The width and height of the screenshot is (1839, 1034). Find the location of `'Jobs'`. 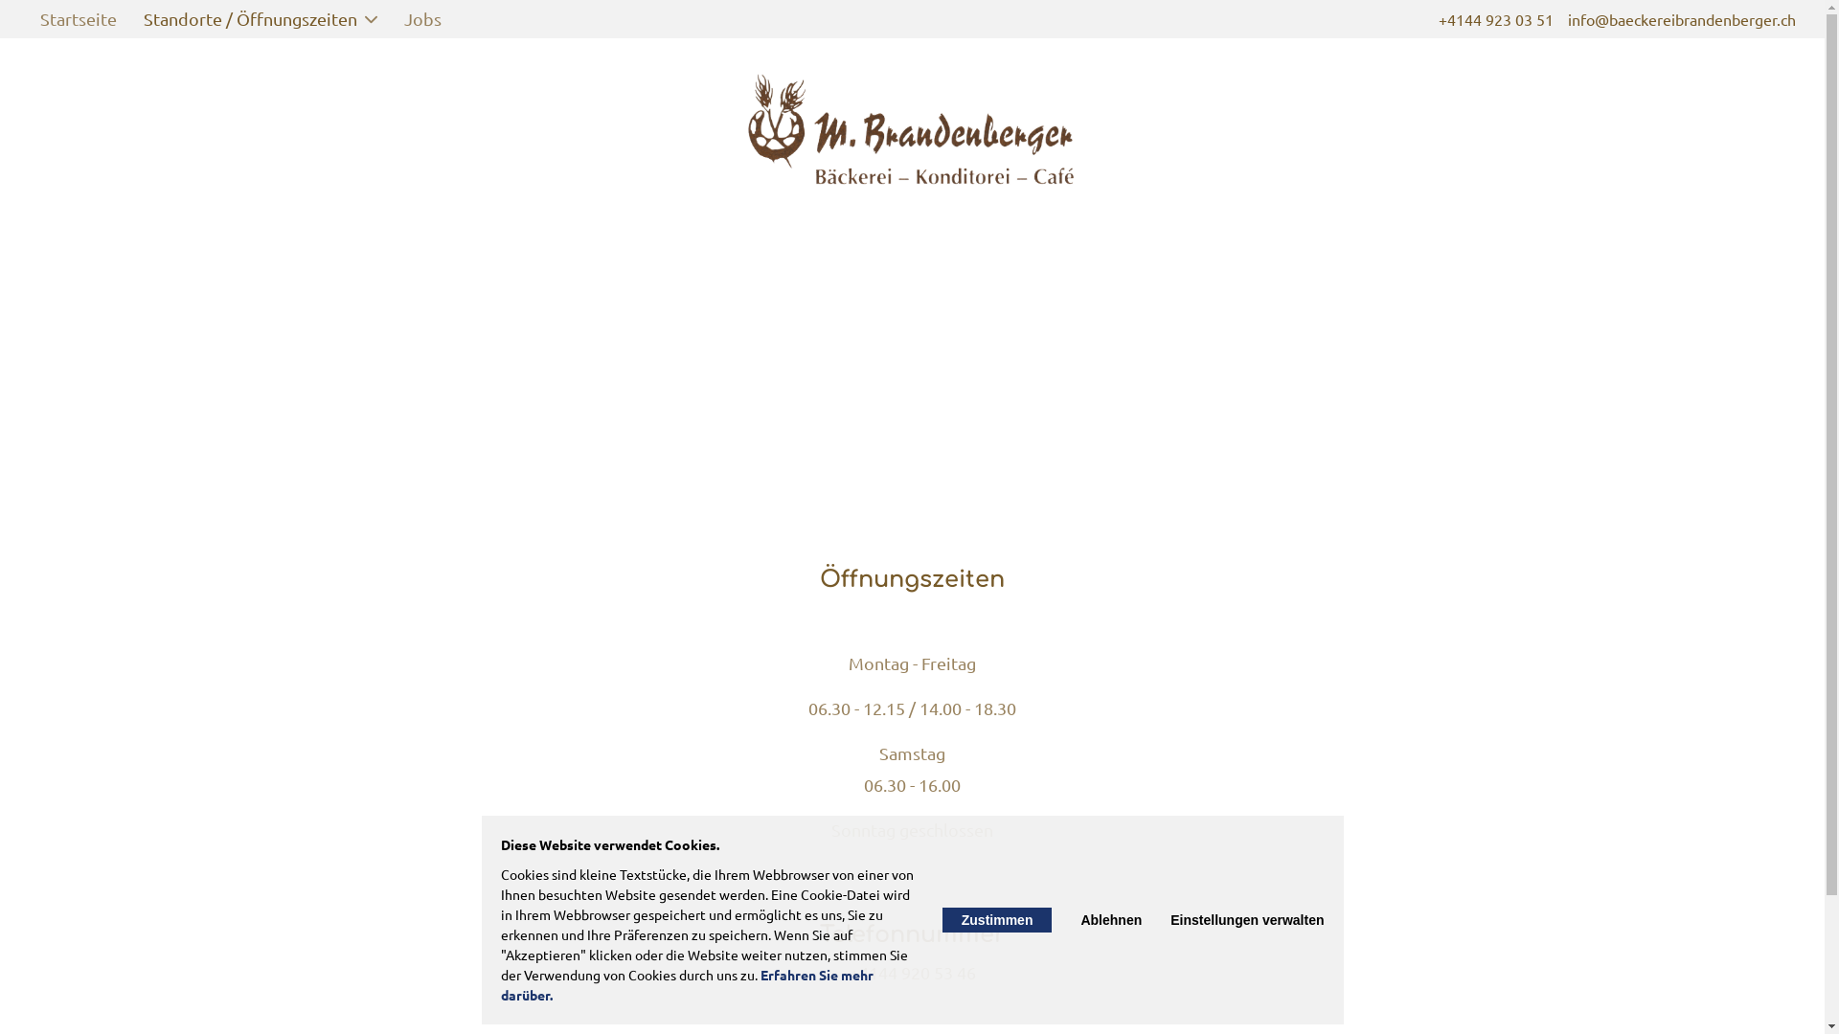

'Jobs' is located at coordinates (391, 18).